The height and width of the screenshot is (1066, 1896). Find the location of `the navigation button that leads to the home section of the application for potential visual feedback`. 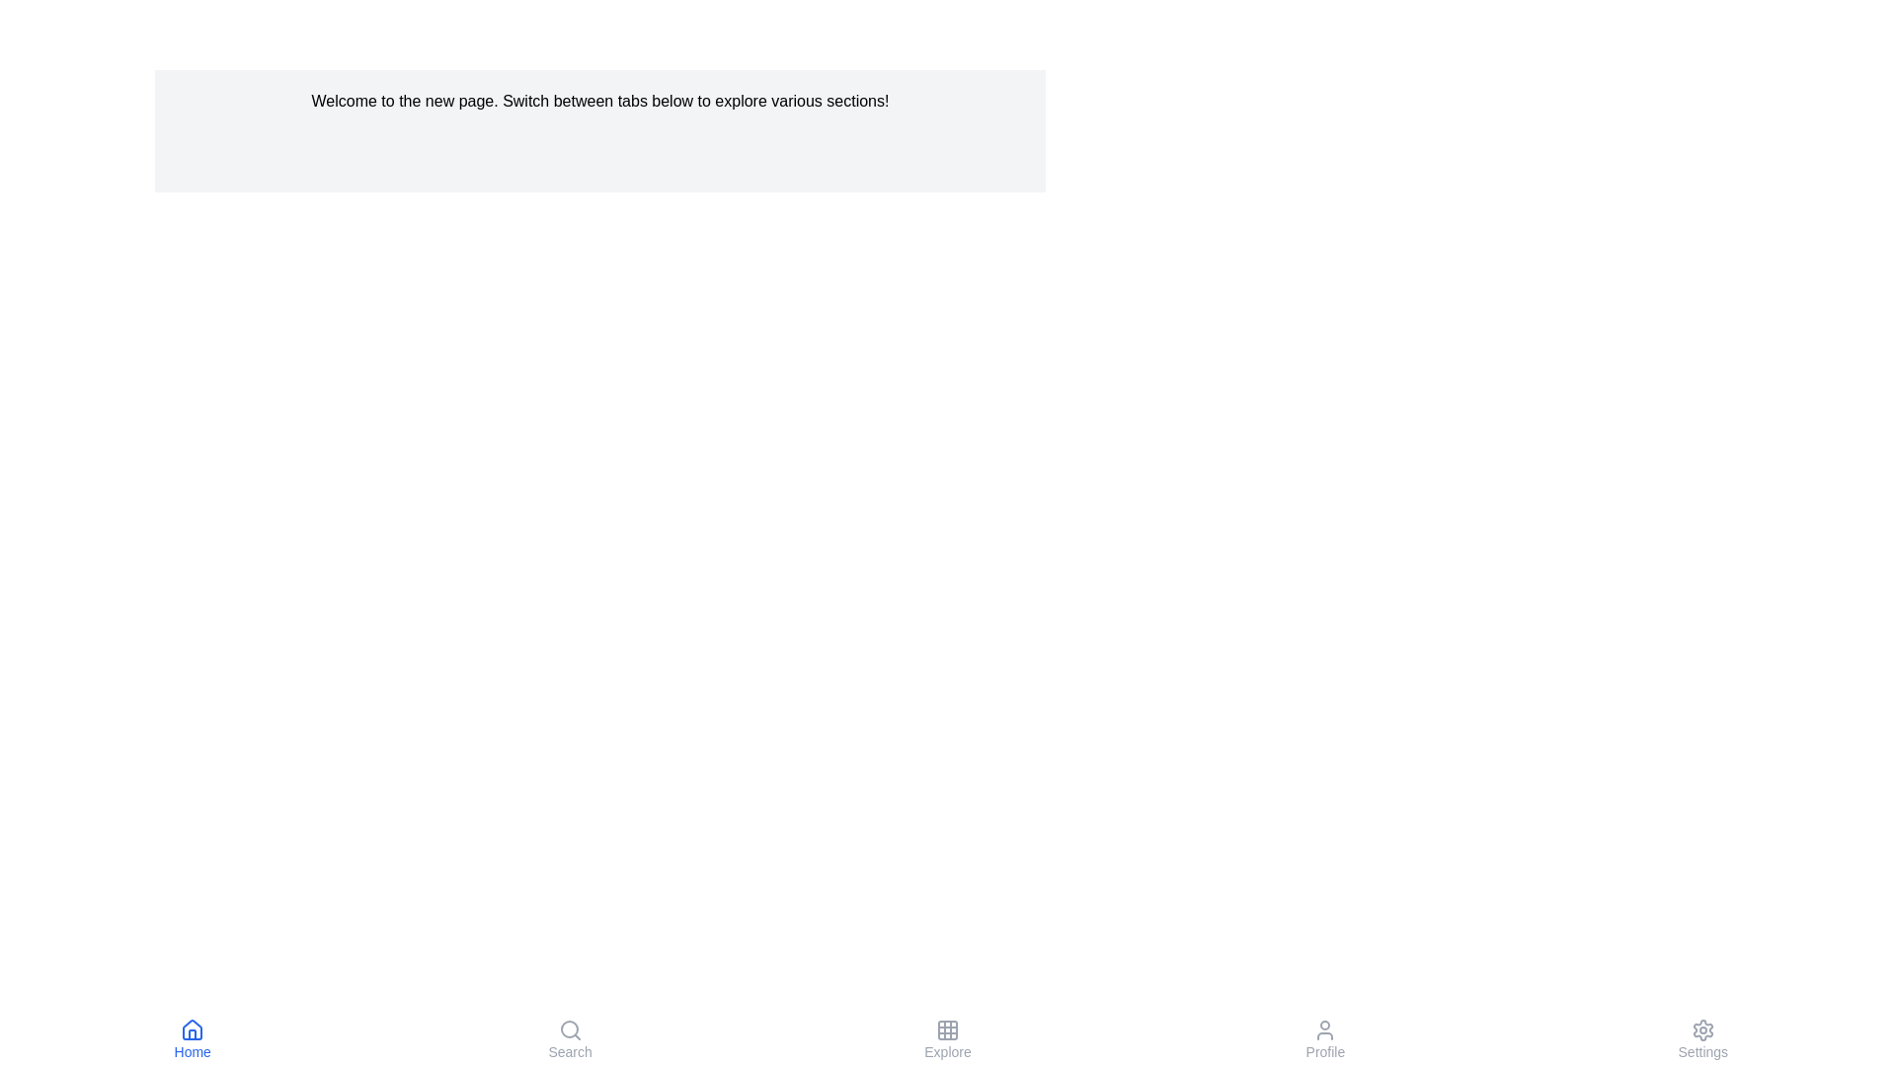

the navigation button that leads to the home section of the application for potential visual feedback is located at coordinates (193, 1038).